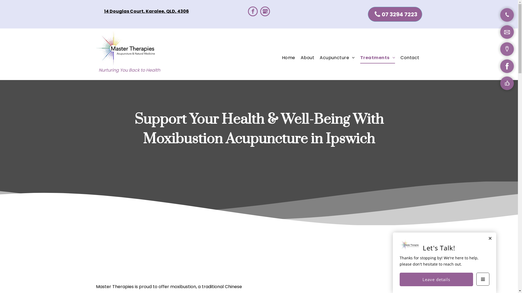 The width and height of the screenshot is (522, 293). What do you see at coordinates (436, 279) in the screenshot?
I see `'Leave details'` at bounding box center [436, 279].